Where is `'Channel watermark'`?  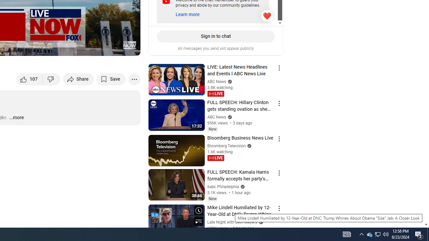 'Channel watermark' is located at coordinates (129, 45).